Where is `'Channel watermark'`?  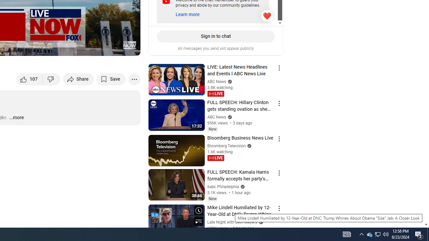 'Channel watermark' is located at coordinates (129, 45).